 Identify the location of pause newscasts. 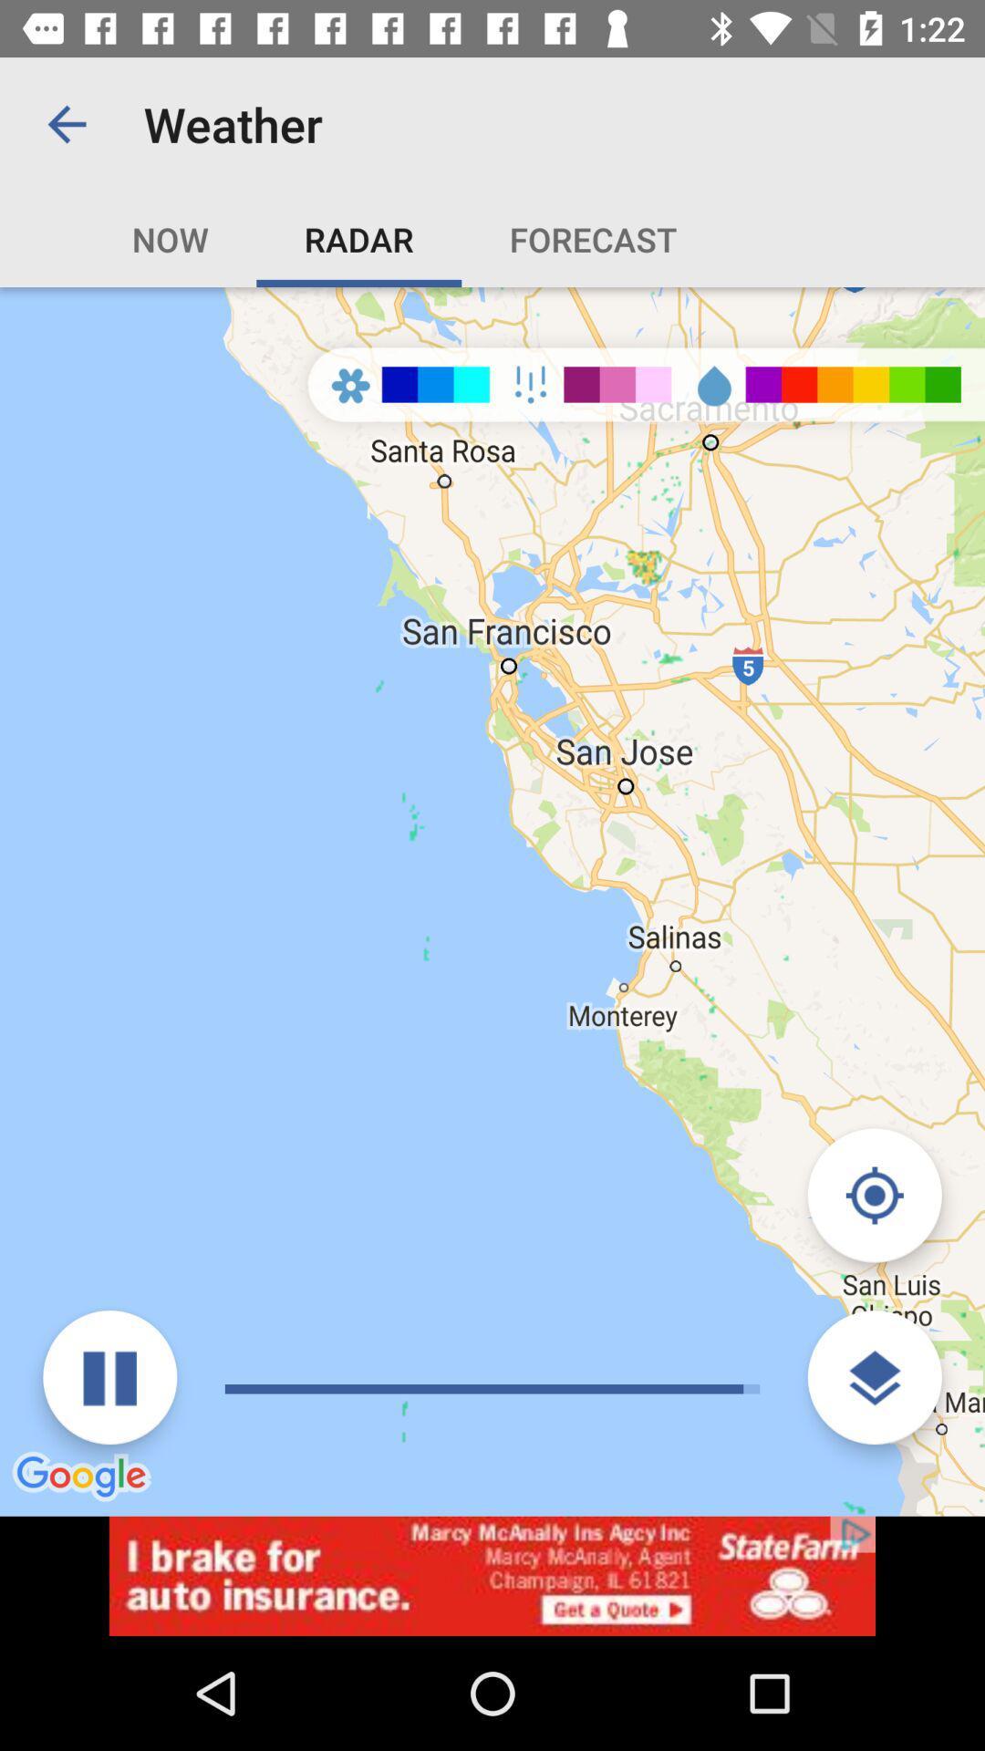
(109, 1377).